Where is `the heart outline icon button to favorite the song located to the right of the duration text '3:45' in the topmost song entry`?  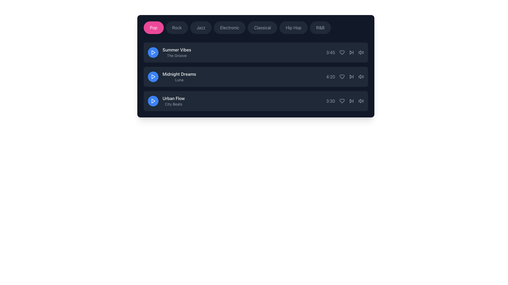 the heart outline icon button to favorite the song located to the right of the duration text '3:45' in the topmost song entry is located at coordinates (342, 53).